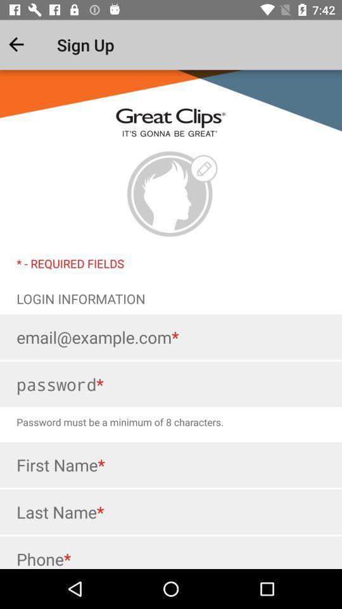  Describe the element at coordinates (171, 512) in the screenshot. I see `your last name` at that location.